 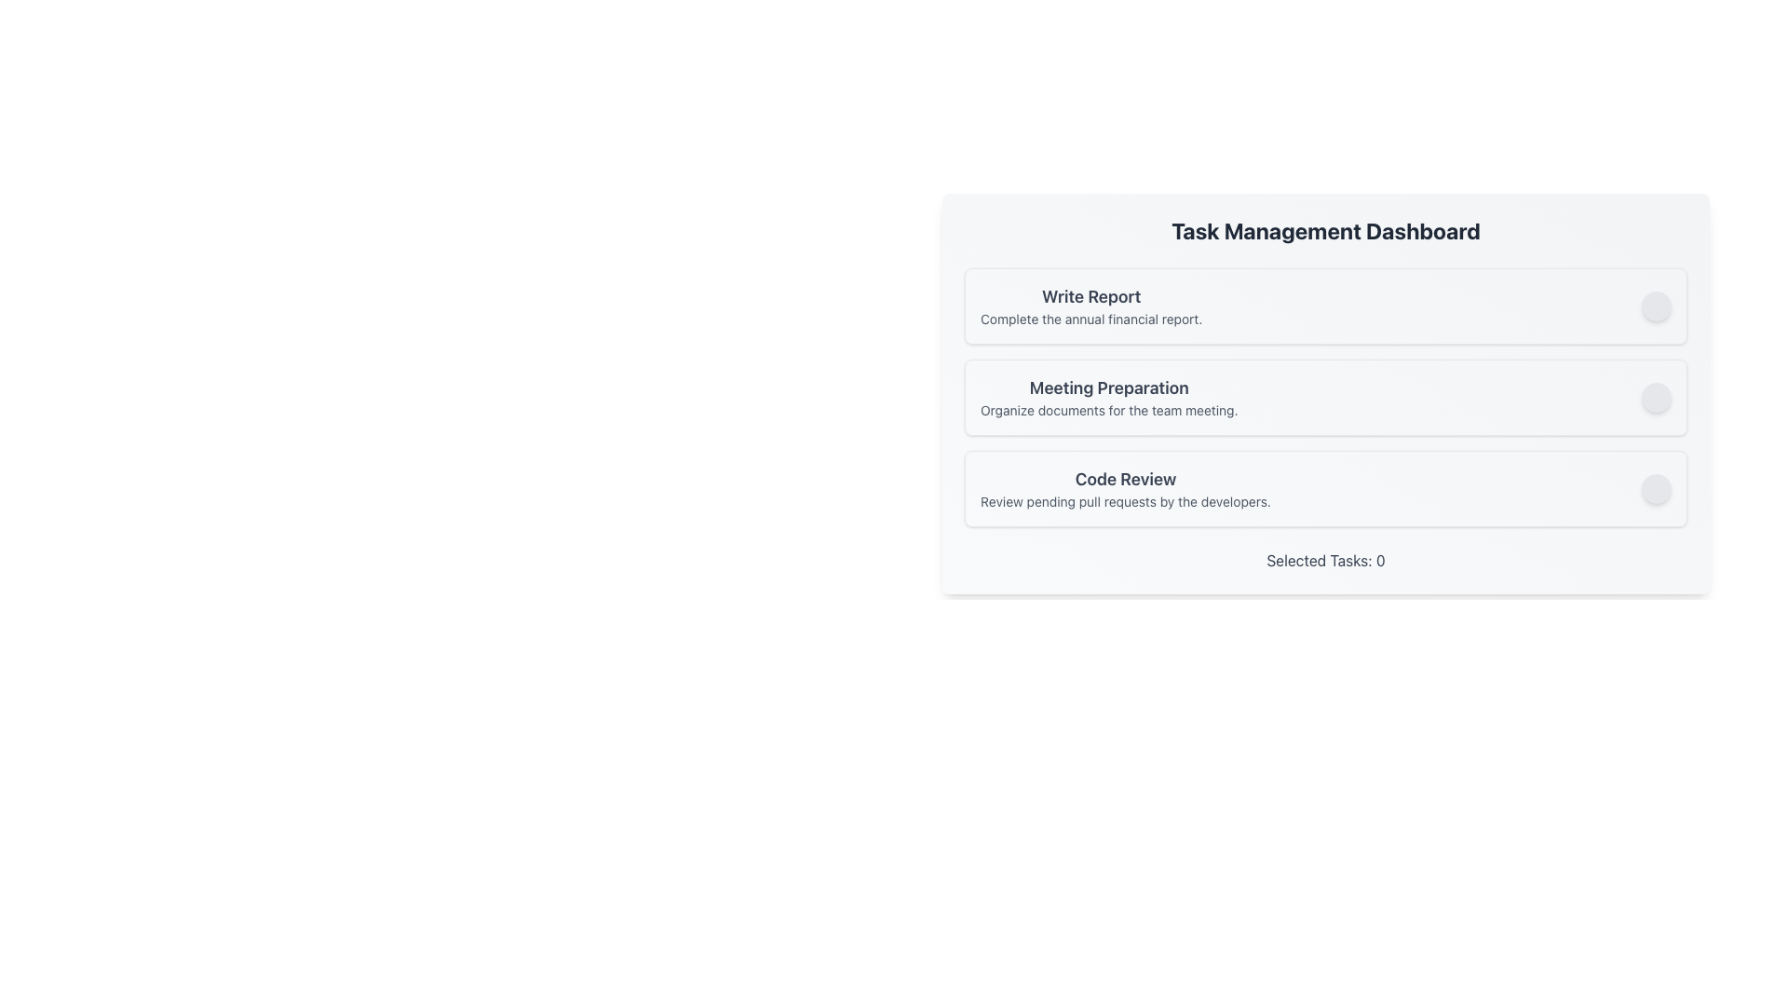 I want to click on the text label that serves as the title for the task 'Meeting Preparation' within the Task Management Dashboard, so click(x=1109, y=387).